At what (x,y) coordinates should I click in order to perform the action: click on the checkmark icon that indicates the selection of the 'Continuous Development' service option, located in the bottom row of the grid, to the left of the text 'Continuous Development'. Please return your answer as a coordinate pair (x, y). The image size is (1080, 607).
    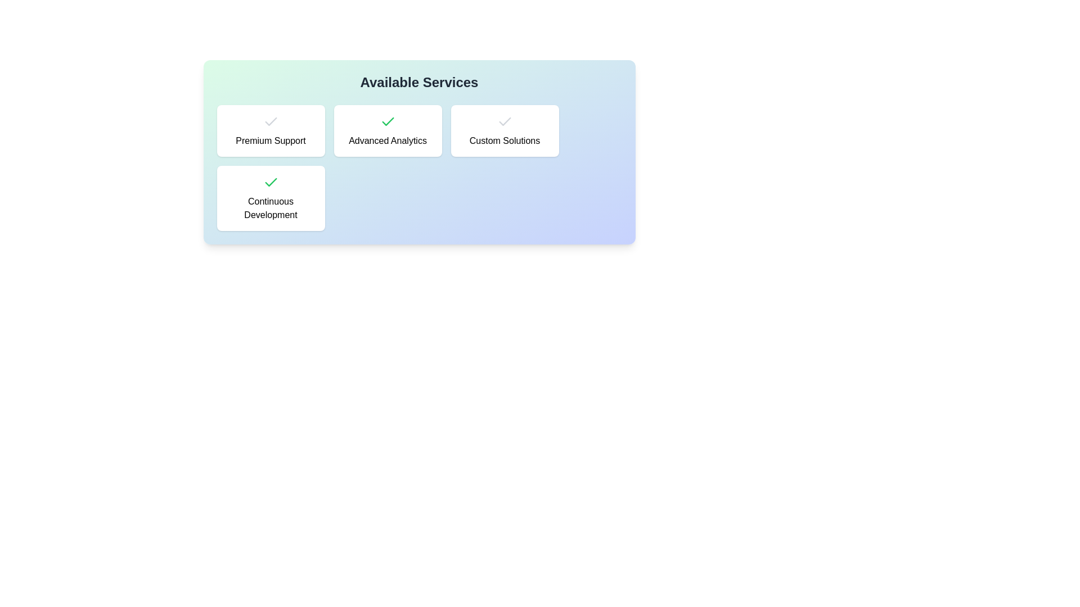
    Looking at the image, I should click on (271, 182).